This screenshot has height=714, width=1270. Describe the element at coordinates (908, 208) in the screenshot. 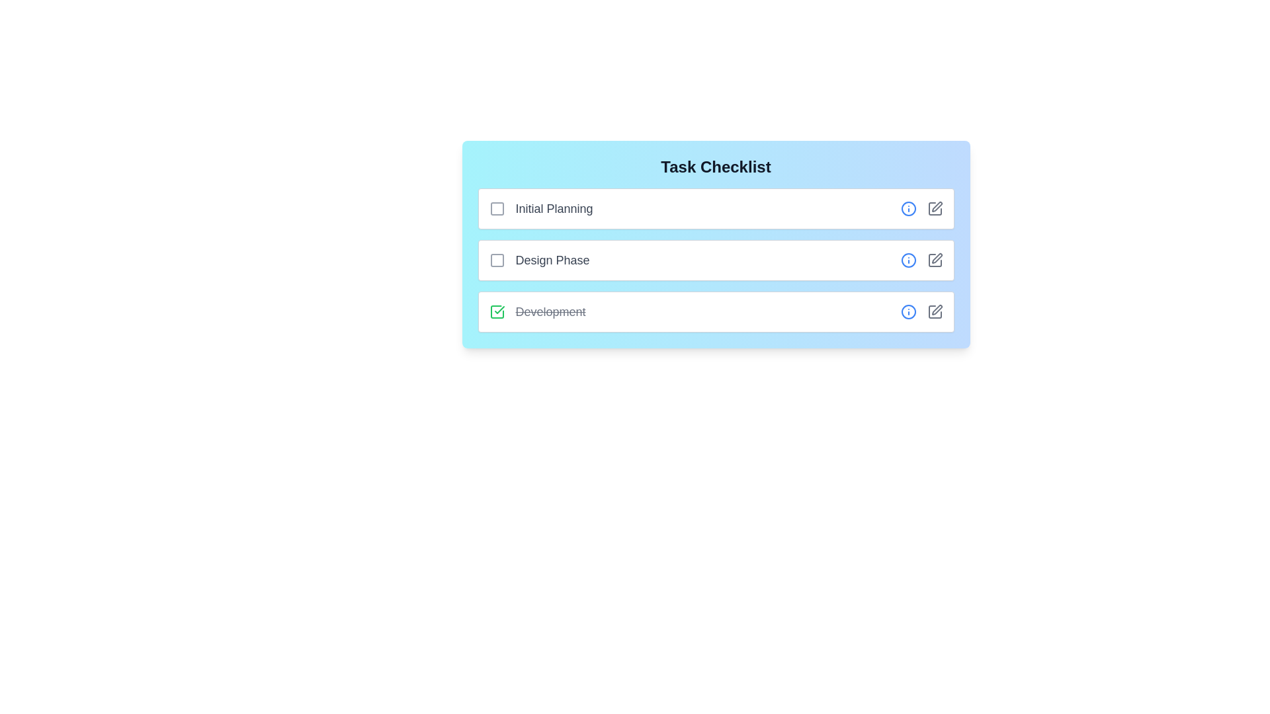

I see `the info icon for the task Initial Planning` at that location.